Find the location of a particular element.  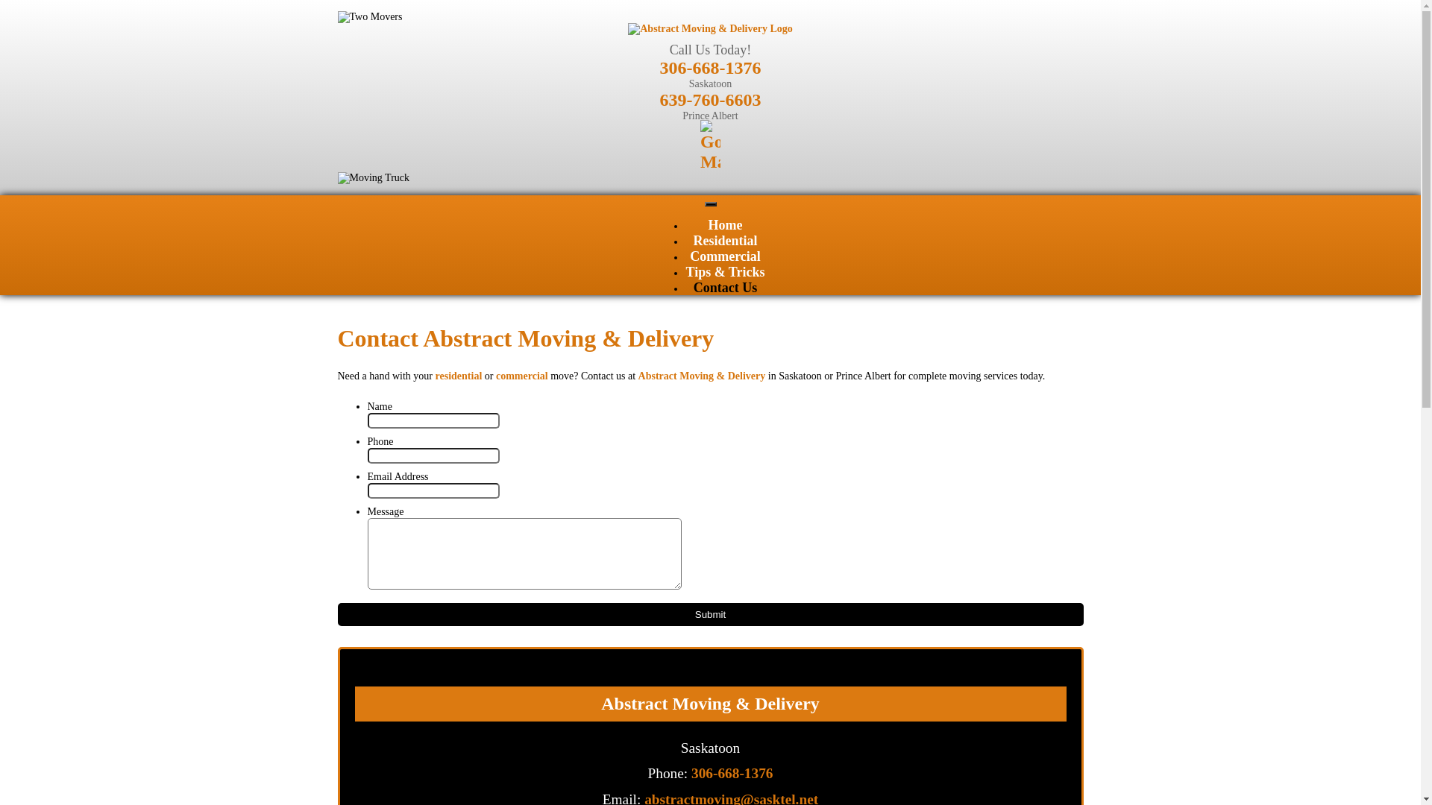

'Contact Us' is located at coordinates (726, 287).